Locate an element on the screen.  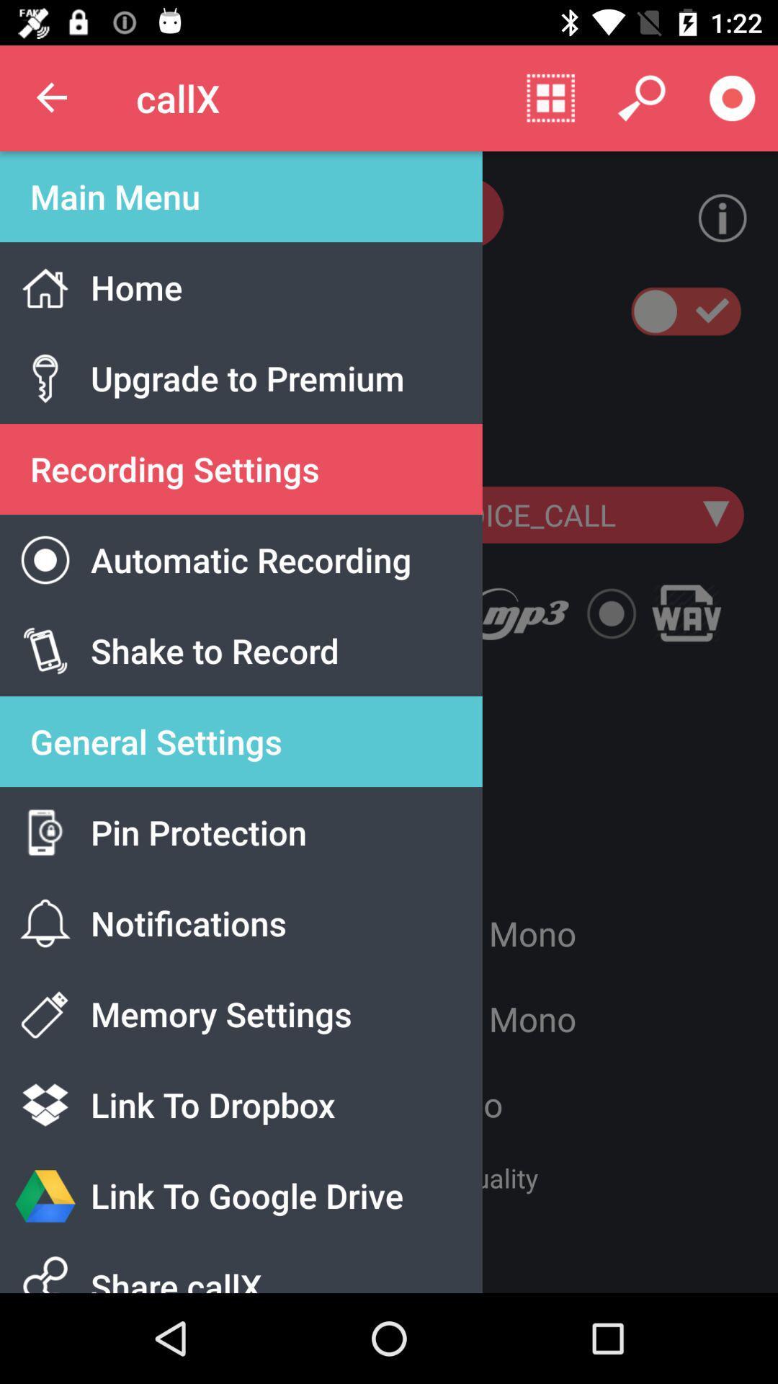
the info icon is located at coordinates (710, 217).